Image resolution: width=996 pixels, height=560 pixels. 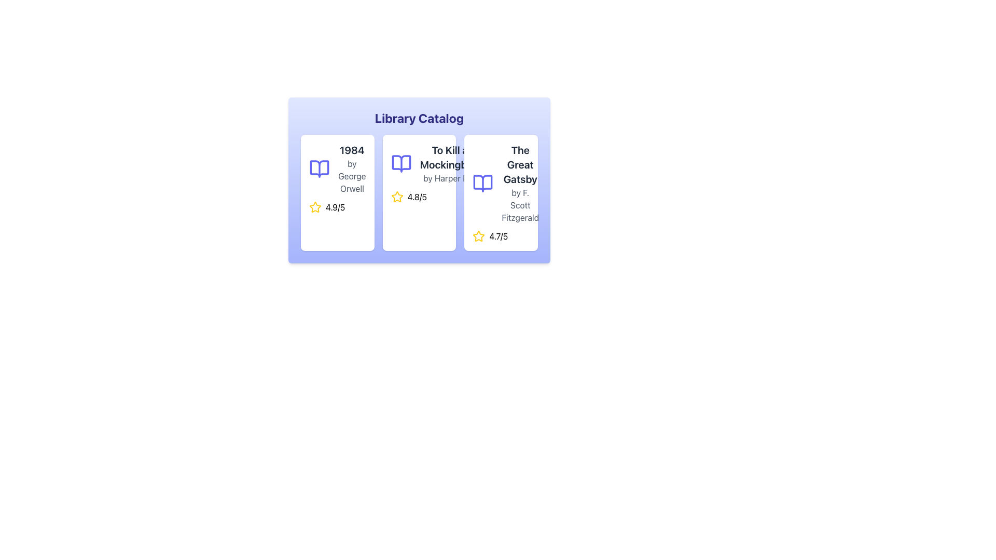 What do you see at coordinates (396, 197) in the screenshot?
I see `the star-shaped rating icon with a yellow outline, which is located above the '4.8/5' text in the second card of the horizontally aligned list` at bounding box center [396, 197].